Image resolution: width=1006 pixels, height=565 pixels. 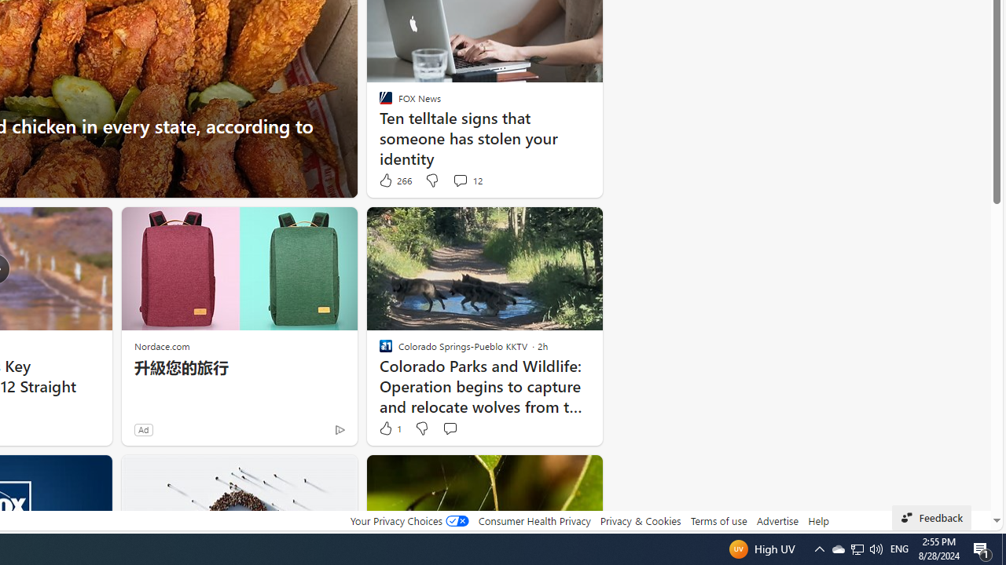 I want to click on 'Advertise', so click(x=778, y=520).